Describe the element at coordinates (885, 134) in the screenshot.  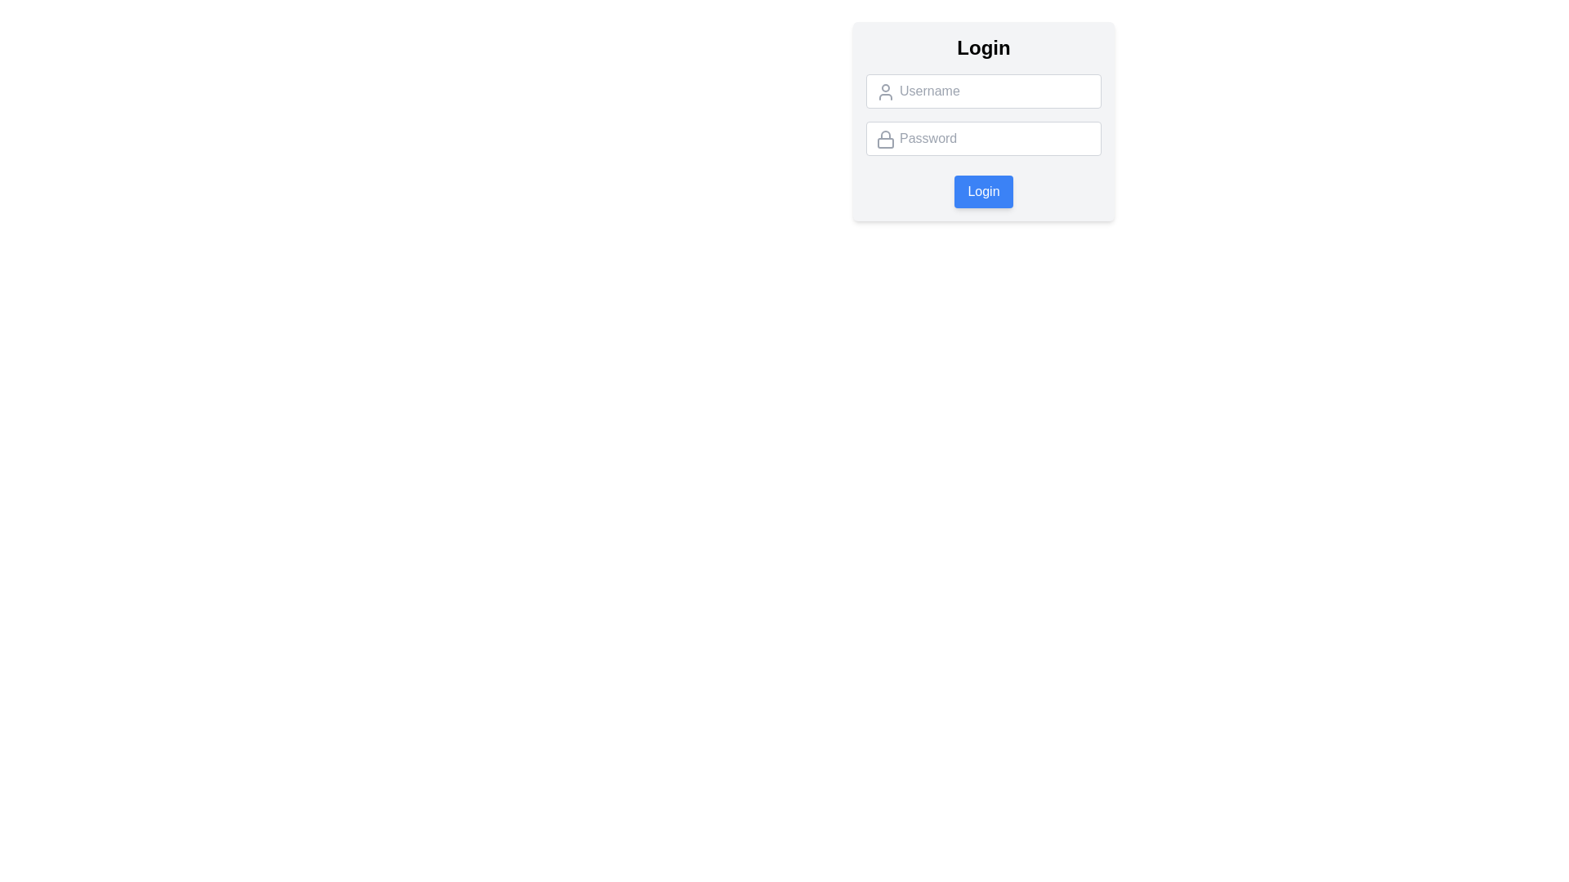
I see `the curved top section of the lock icon overlay located in the center left of the password input field, which is represented by a vector graphic stroke in an SVG format` at that location.